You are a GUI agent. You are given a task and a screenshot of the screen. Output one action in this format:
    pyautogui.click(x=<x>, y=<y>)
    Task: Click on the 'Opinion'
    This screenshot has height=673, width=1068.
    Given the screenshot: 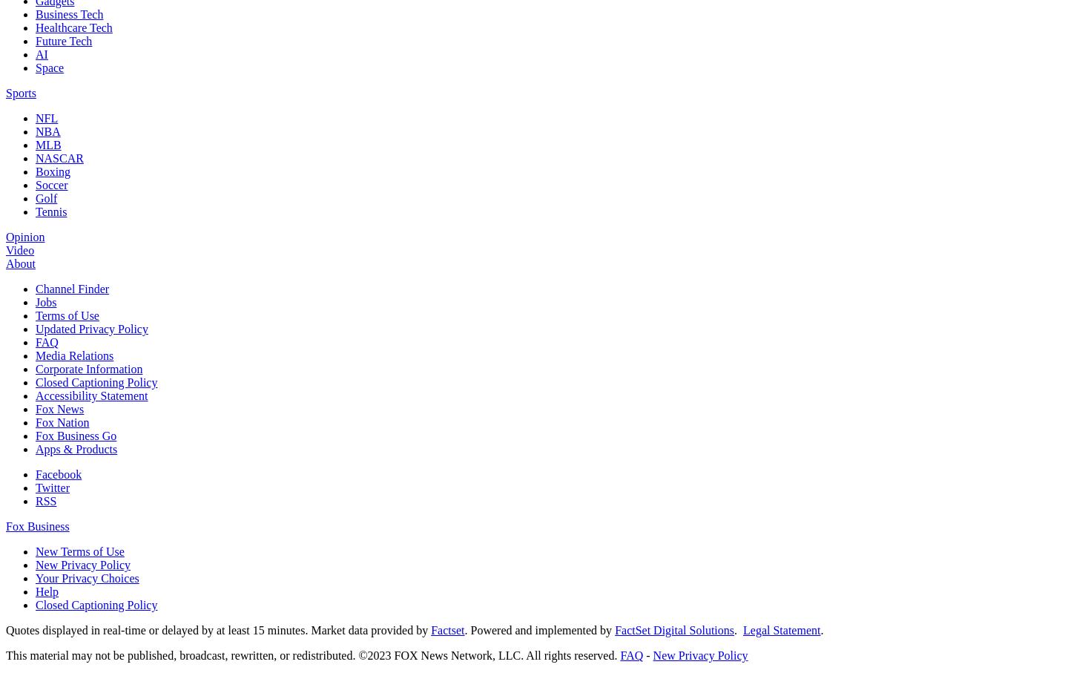 What is the action you would take?
    pyautogui.click(x=24, y=236)
    